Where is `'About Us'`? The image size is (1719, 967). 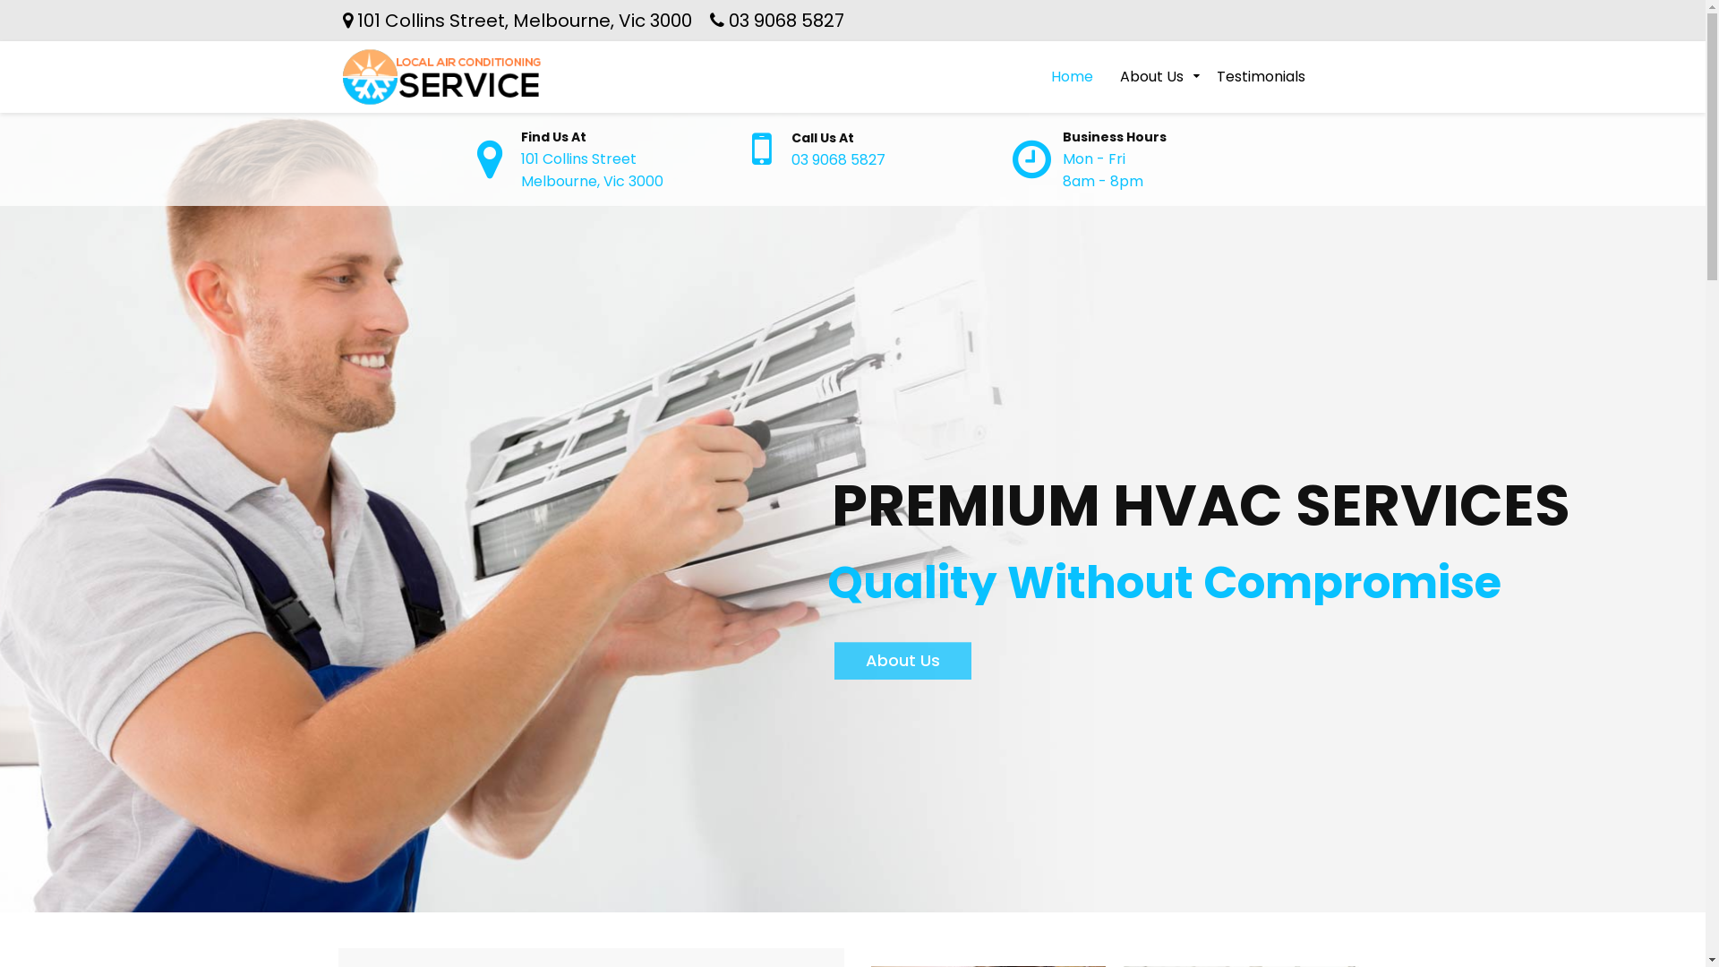 'About Us' is located at coordinates (1106, 75).